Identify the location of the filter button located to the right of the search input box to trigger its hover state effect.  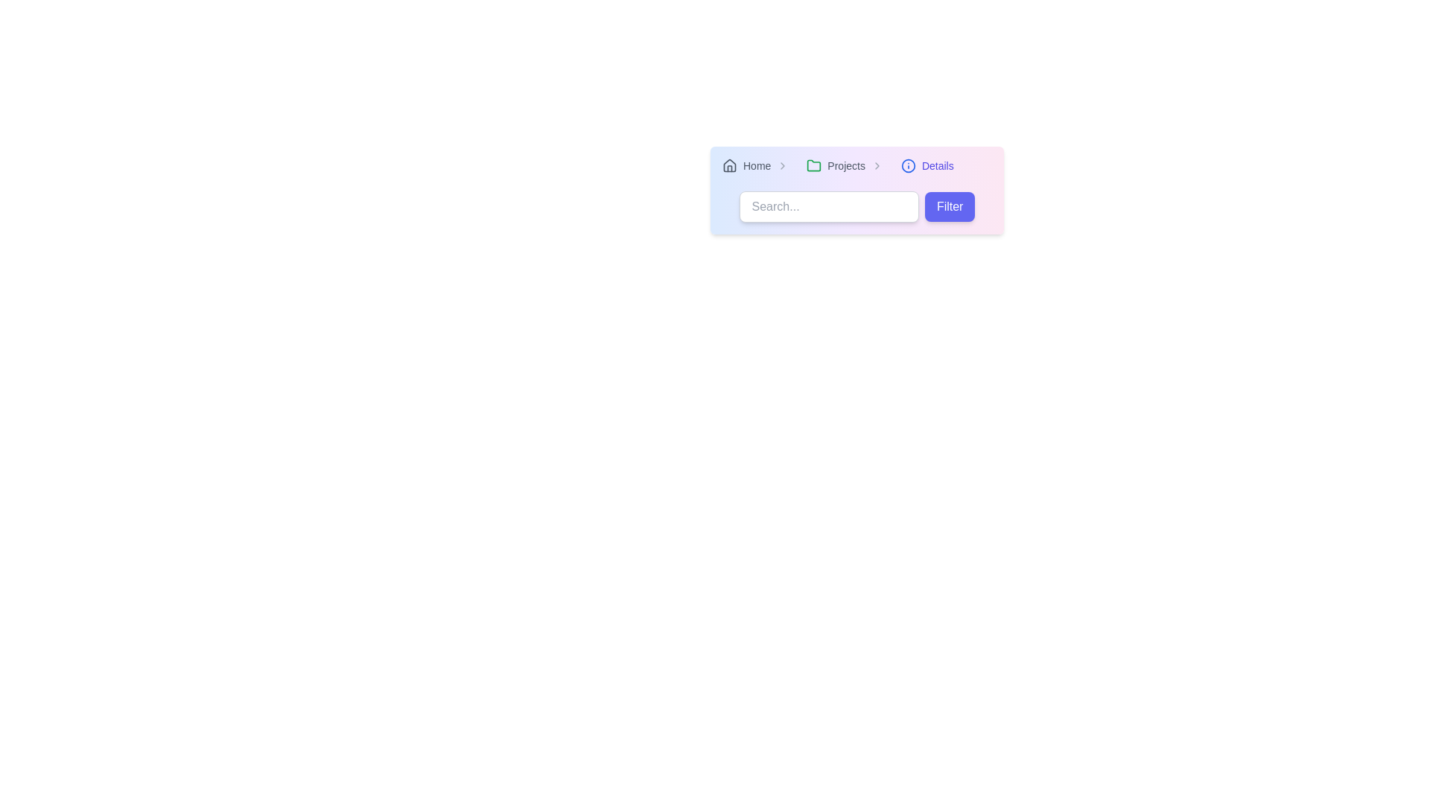
(949, 206).